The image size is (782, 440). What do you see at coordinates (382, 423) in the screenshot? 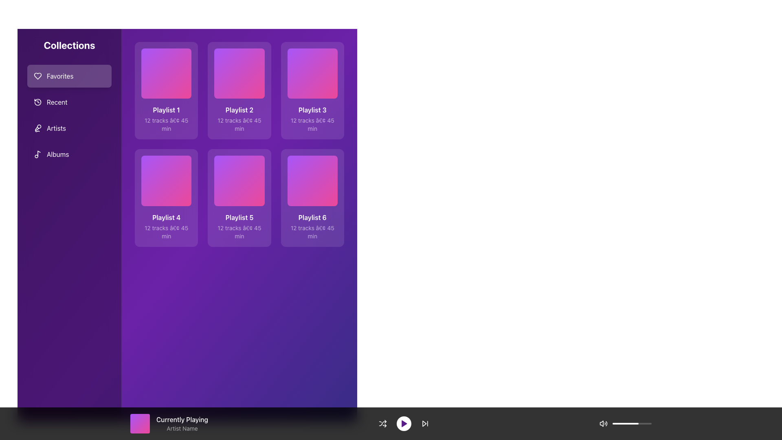
I see `the shuffle button represented by two crossing arrows, located in the bottom control bar` at bounding box center [382, 423].